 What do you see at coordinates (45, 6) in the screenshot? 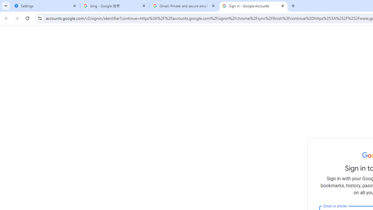
I see `'Settings'` at bounding box center [45, 6].